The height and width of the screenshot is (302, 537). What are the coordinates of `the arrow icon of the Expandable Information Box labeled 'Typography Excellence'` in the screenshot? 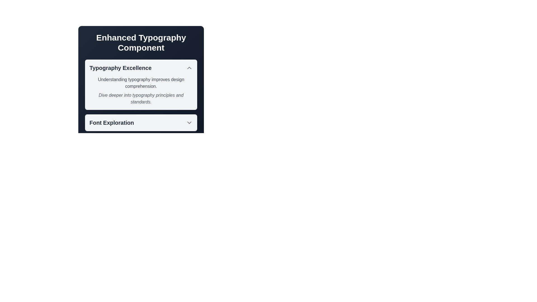 It's located at (141, 76).